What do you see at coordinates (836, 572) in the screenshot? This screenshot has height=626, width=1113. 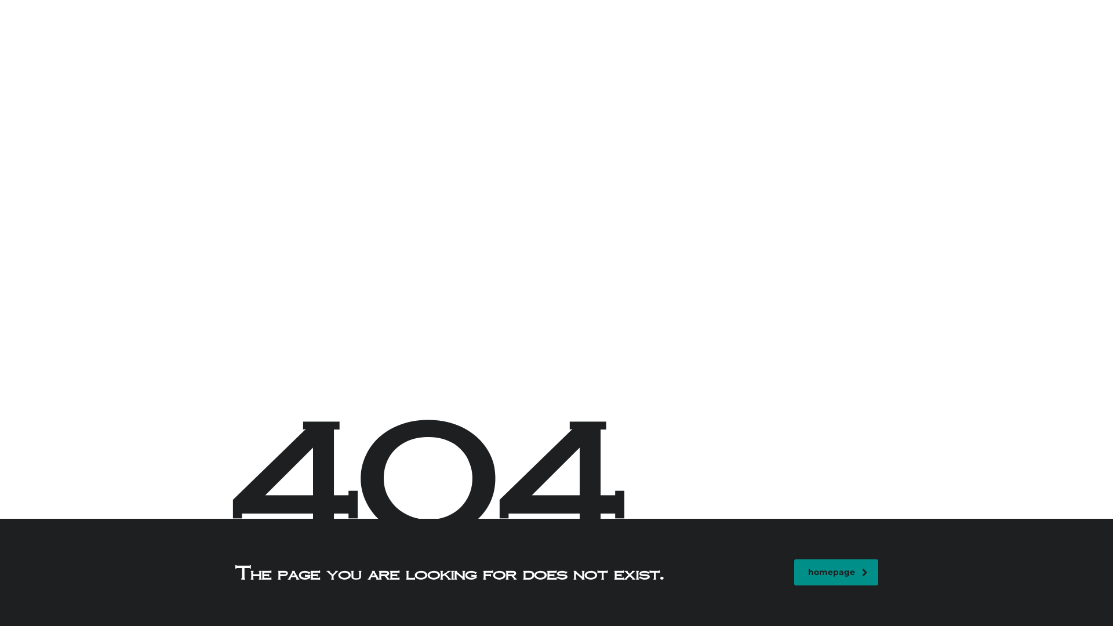 I see `'homepage'` at bounding box center [836, 572].